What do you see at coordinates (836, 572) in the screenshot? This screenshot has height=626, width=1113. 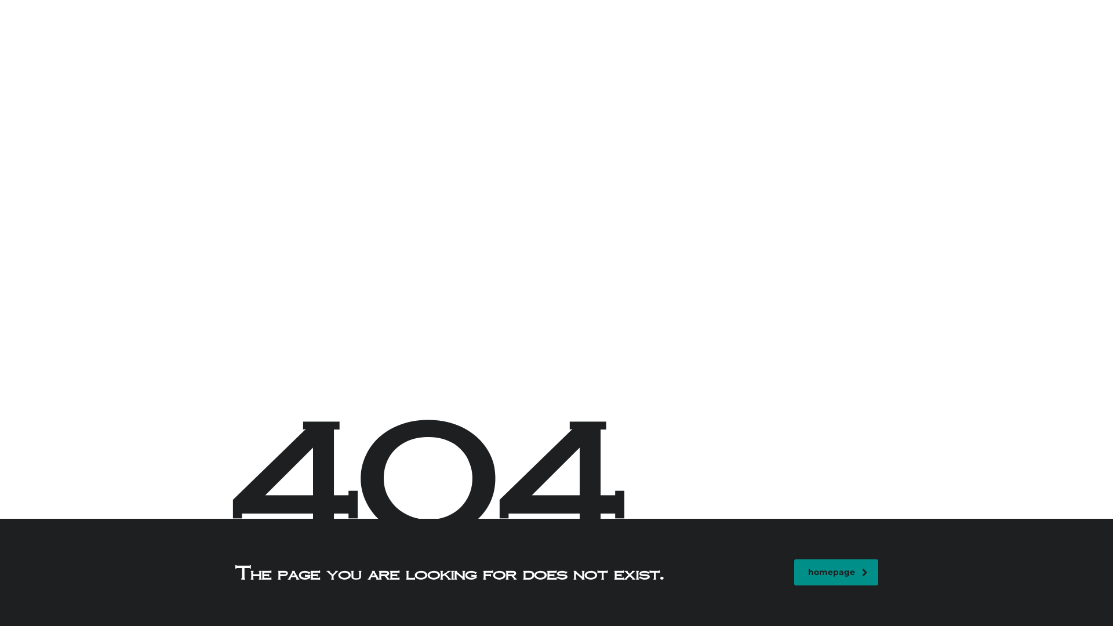 I see `'homepage'` at bounding box center [836, 572].